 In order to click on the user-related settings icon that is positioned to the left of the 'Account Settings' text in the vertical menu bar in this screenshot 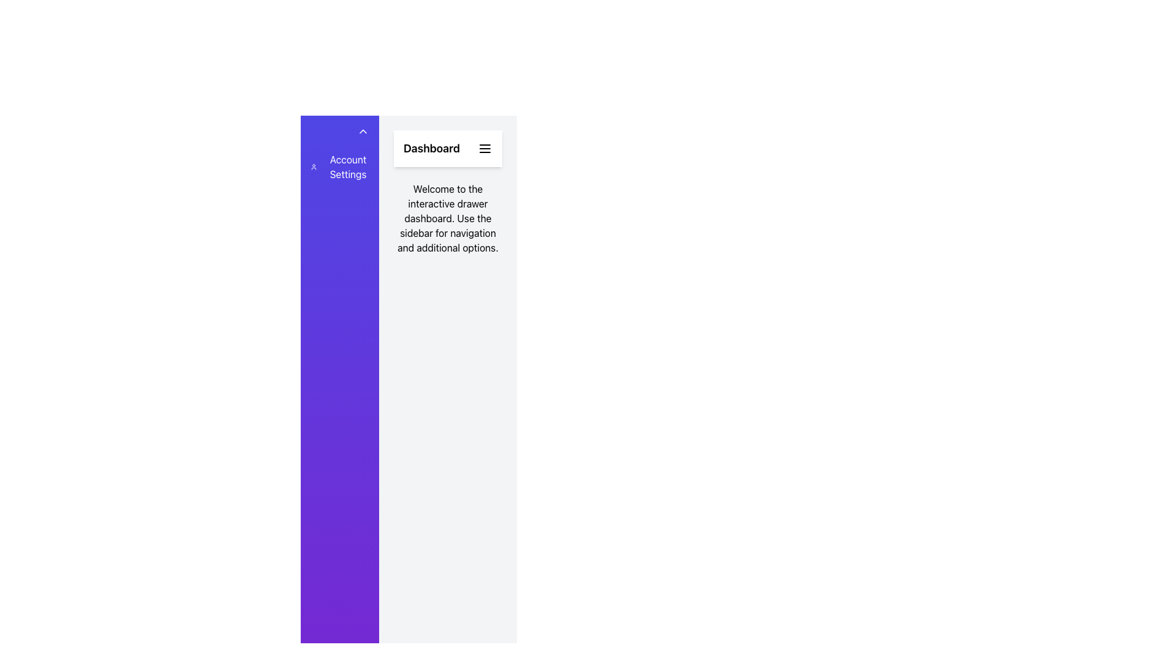, I will do `click(314, 167)`.